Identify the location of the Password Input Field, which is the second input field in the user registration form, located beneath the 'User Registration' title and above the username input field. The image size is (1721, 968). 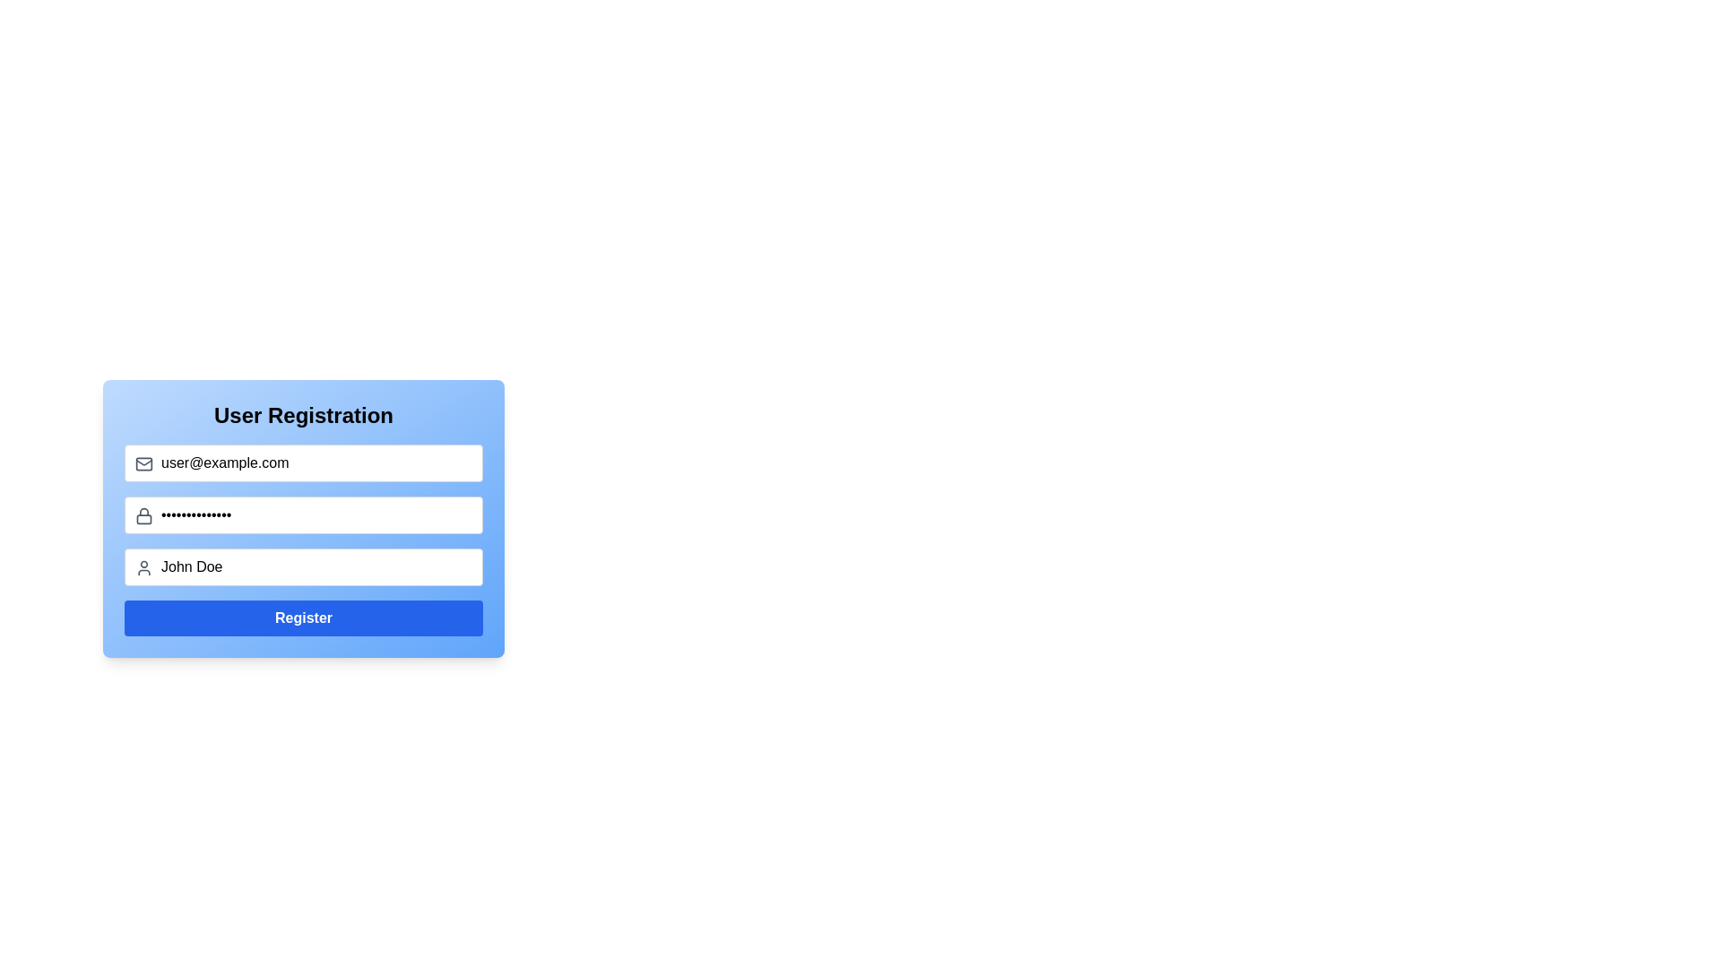
(304, 518).